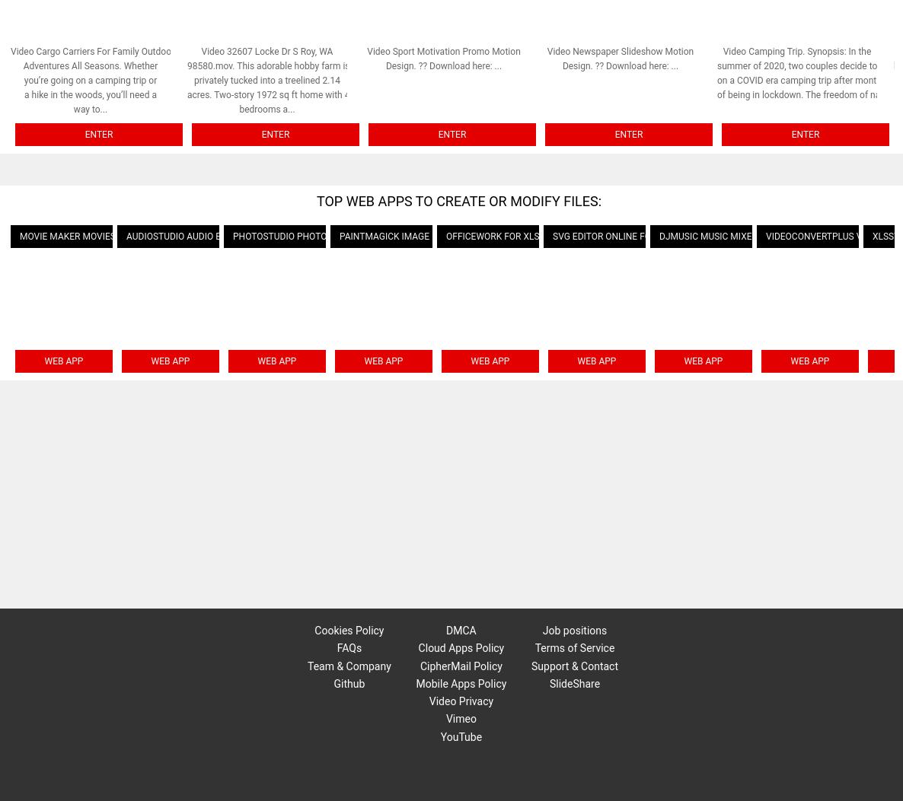  Describe the element at coordinates (460, 682) in the screenshot. I see `'Mobile Apps Policy'` at that location.